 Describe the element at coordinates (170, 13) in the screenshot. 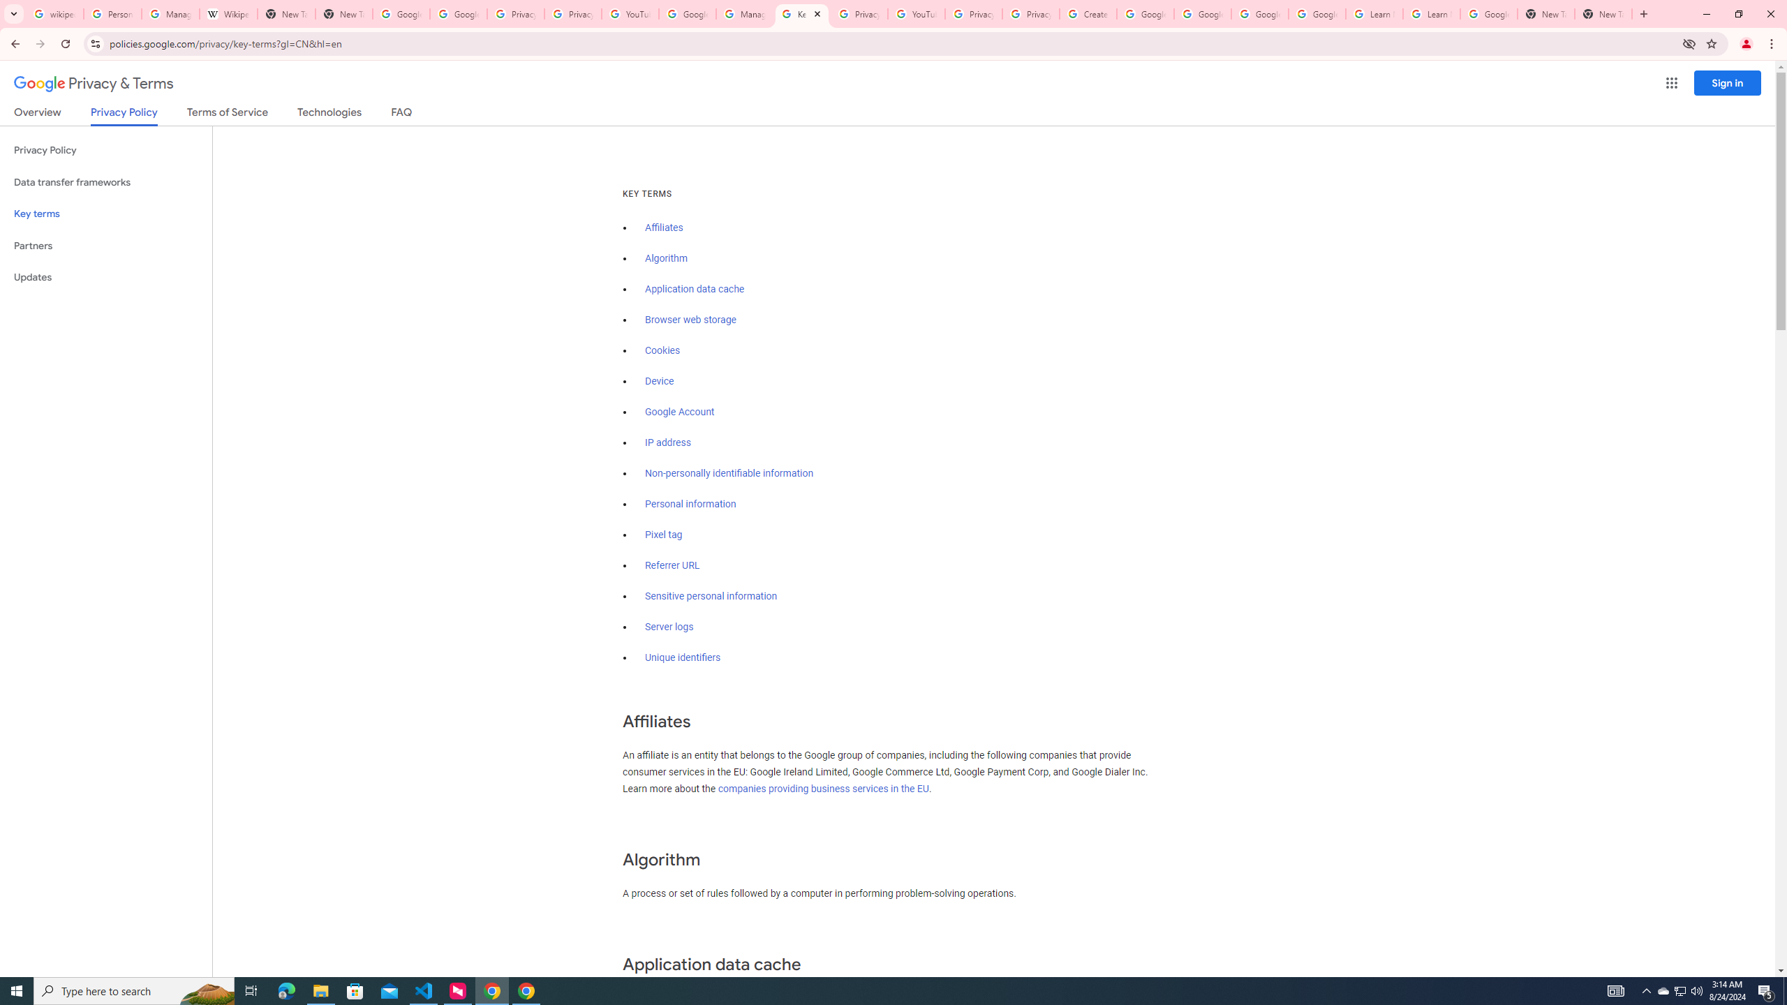

I see `'Manage your Location History - Google Search Help'` at that location.